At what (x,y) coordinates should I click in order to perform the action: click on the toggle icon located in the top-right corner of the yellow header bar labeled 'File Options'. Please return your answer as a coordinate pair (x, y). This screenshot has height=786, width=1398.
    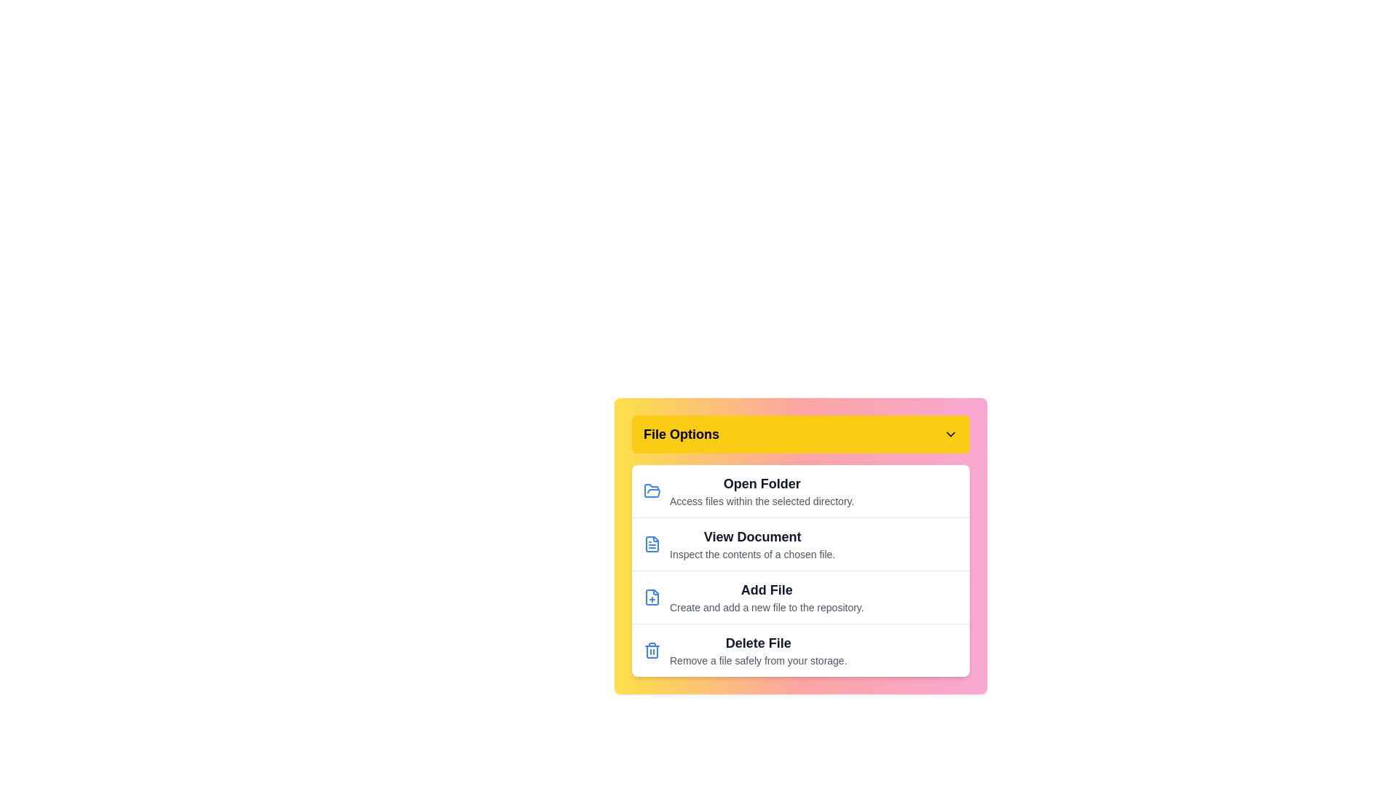
    Looking at the image, I should click on (950, 434).